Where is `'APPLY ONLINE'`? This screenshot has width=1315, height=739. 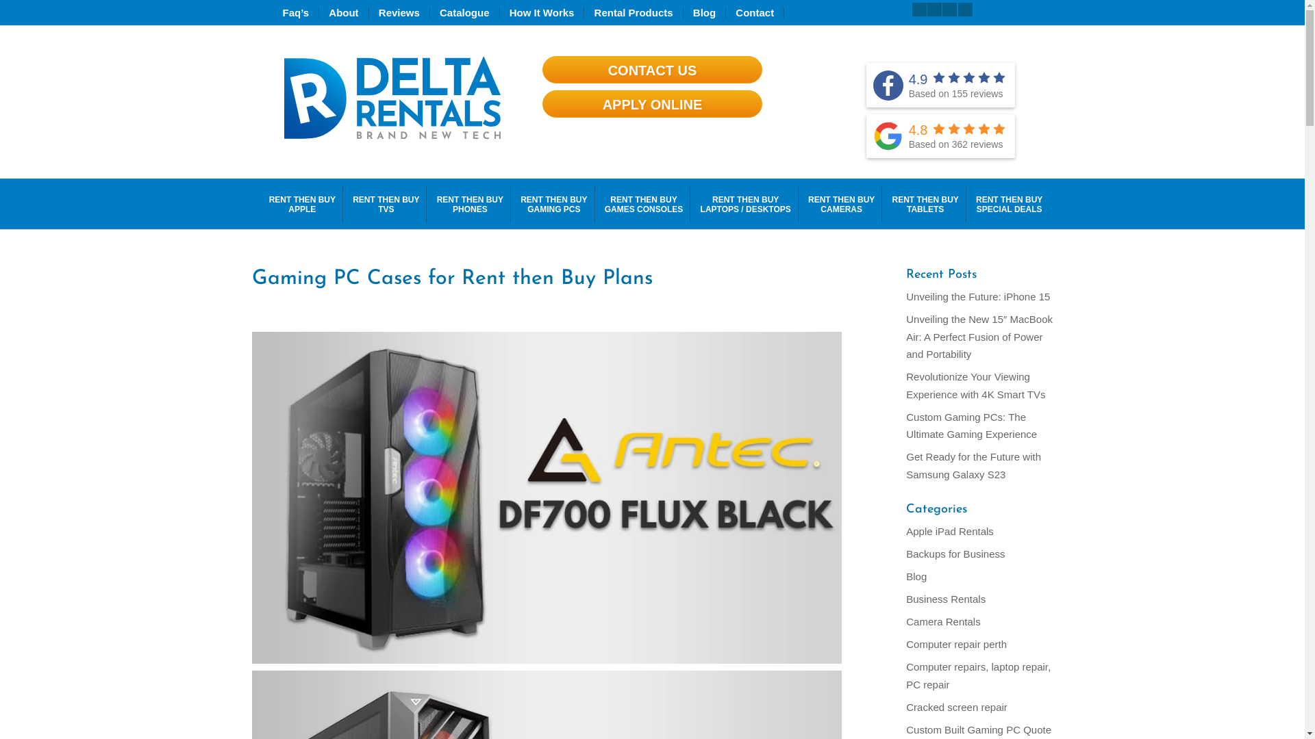
'APPLY ONLINE' is located at coordinates (651, 103).